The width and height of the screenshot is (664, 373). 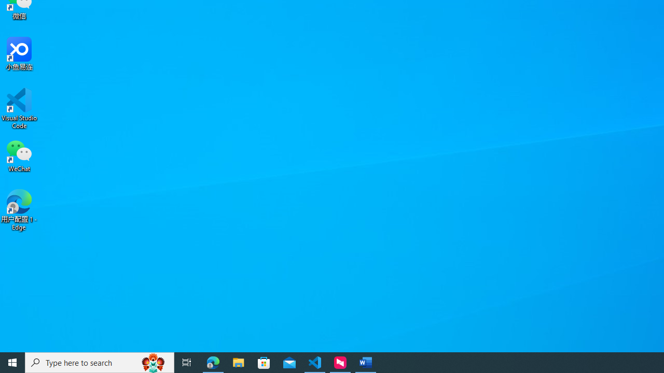 What do you see at coordinates (238, 362) in the screenshot?
I see `'File Explorer'` at bounding box center [238, 362].